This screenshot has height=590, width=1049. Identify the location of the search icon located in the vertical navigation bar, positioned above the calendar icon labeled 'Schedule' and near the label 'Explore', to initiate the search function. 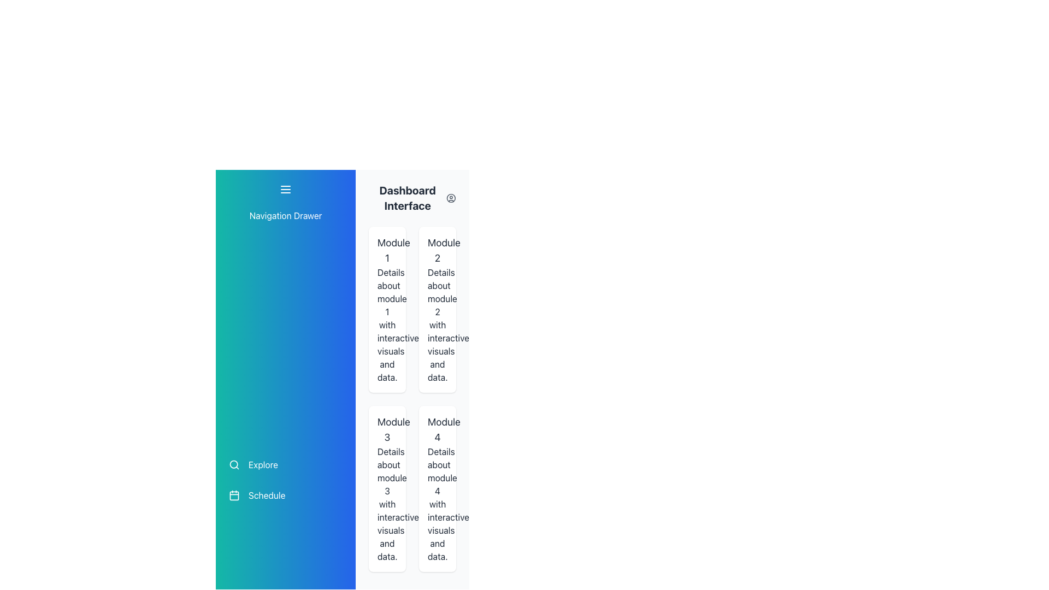
(233, 465).